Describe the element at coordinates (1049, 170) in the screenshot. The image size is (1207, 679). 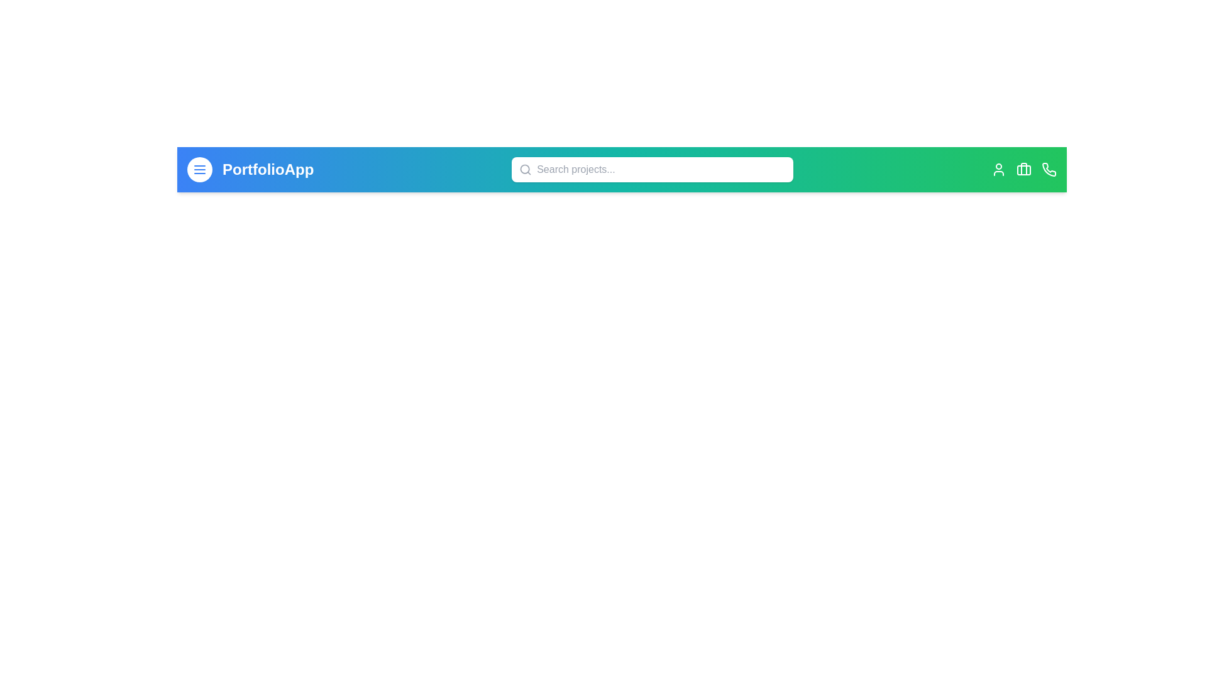
I see `the phone icon located at the right side of the app bar` at that location.